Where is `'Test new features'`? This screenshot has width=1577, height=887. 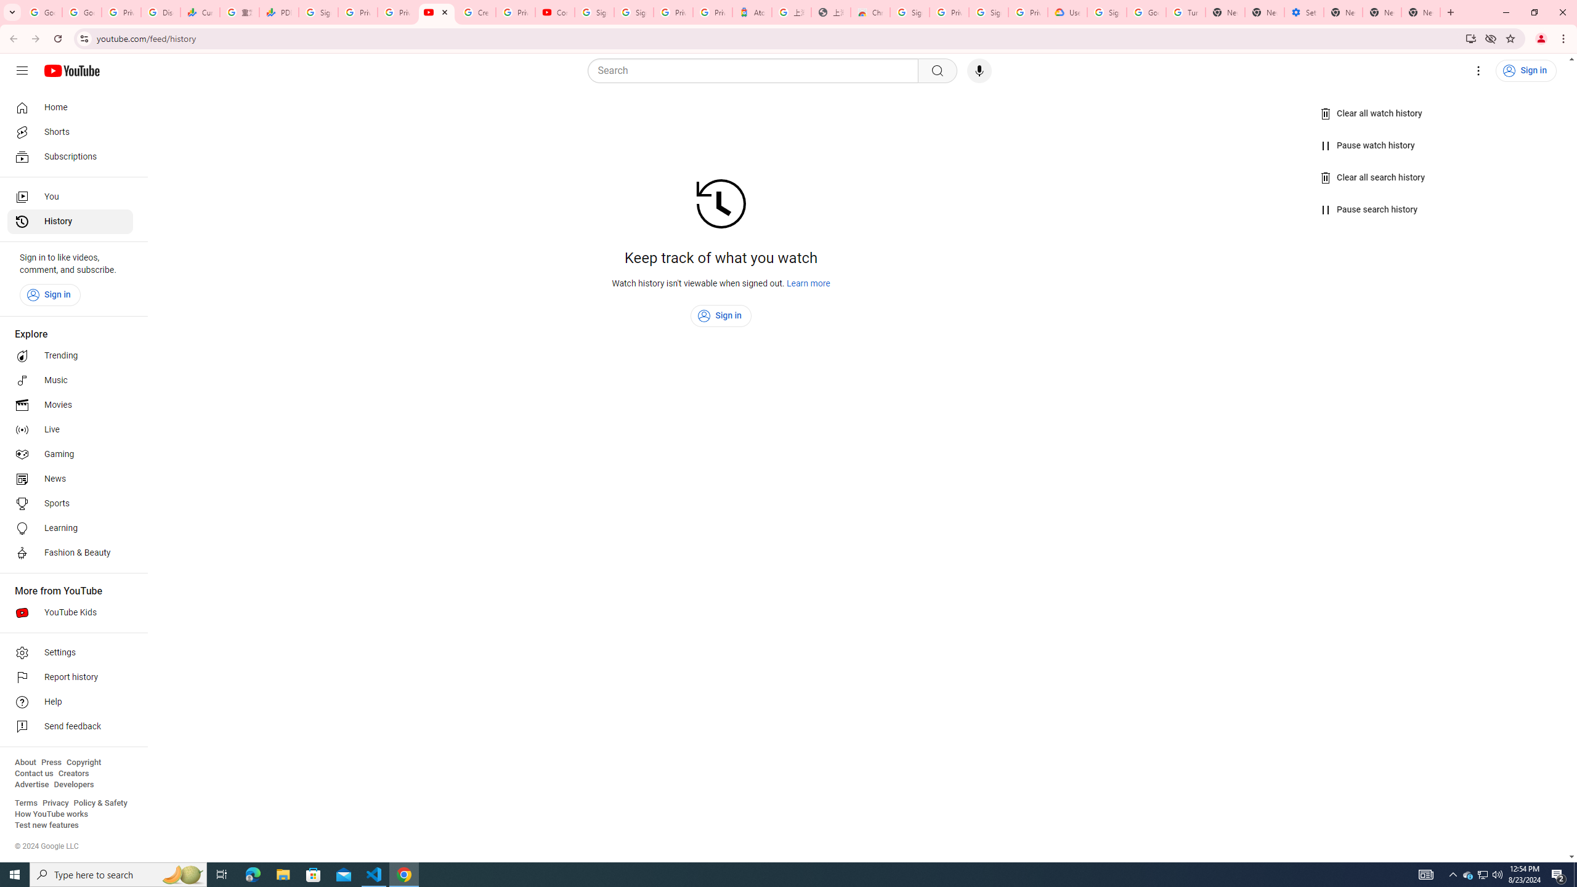 'Test new features' is located at coordinates (46, 824).